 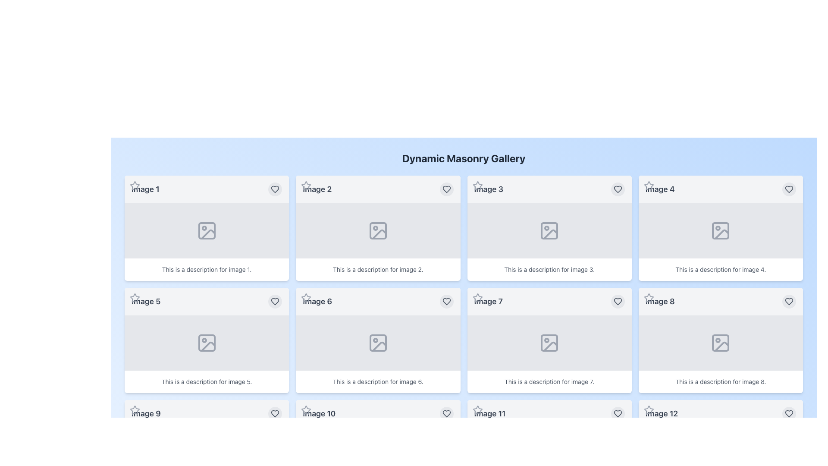 I want to click on the card titled 'Image 5' which has a central icon and description text at the bottom, so click(x=206, y=340).